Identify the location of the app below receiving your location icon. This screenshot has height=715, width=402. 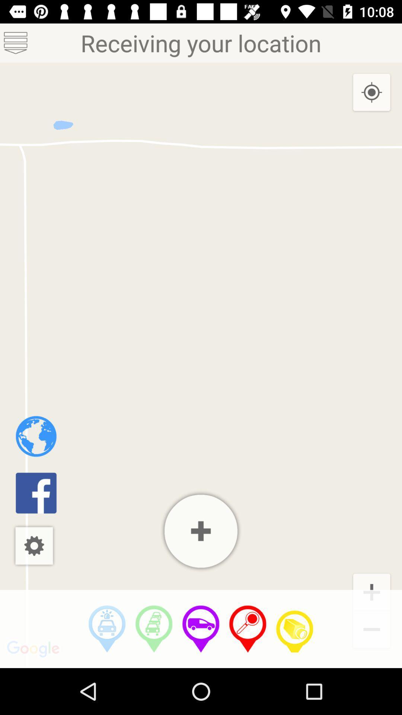
(294, 629).